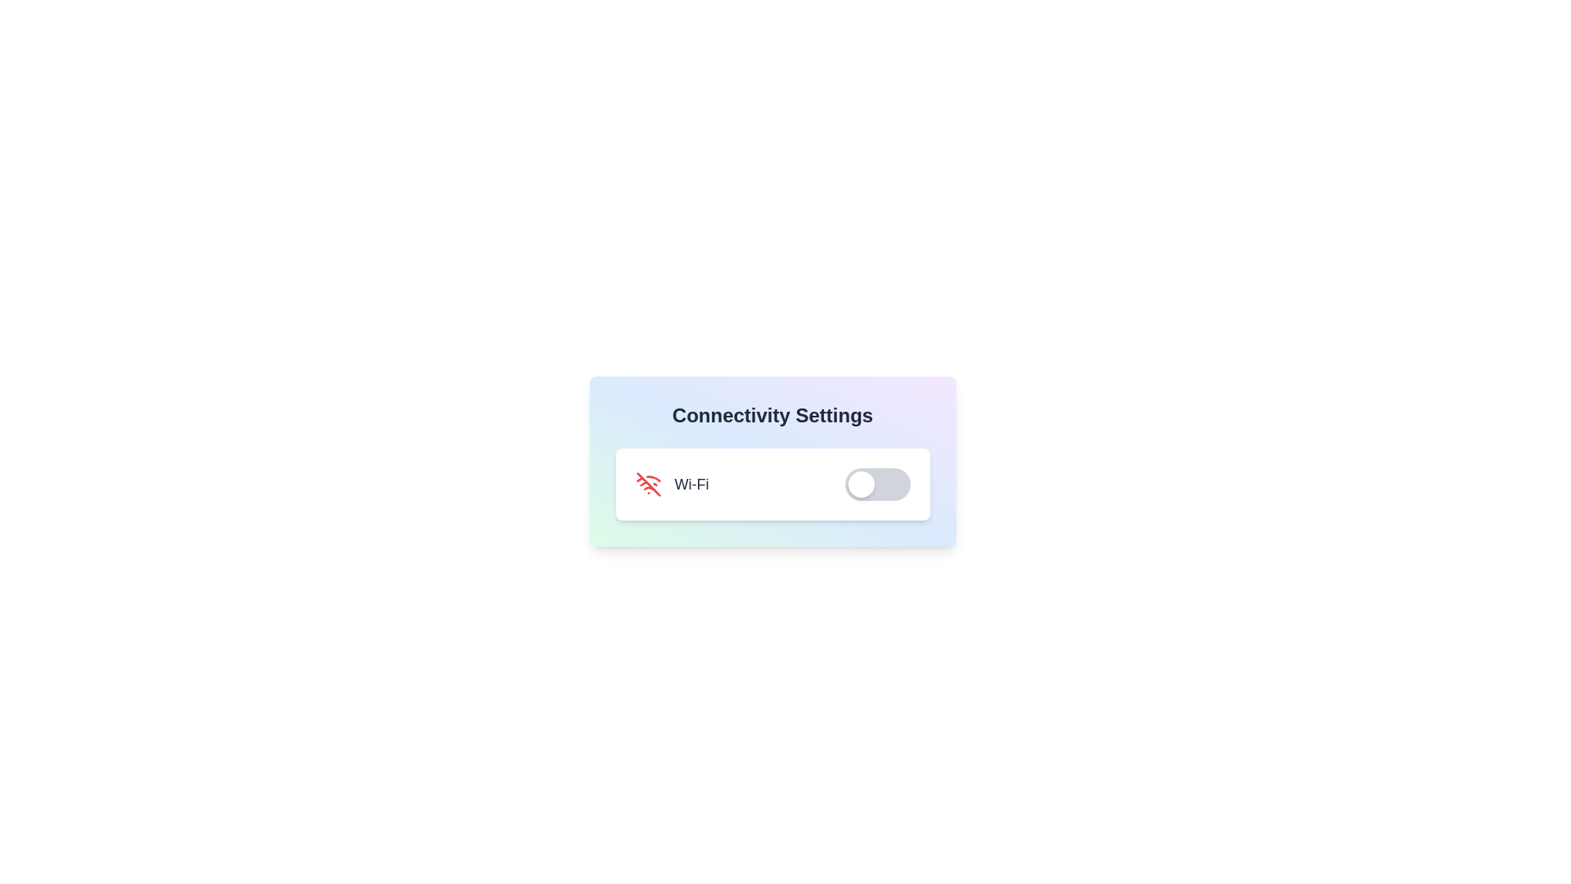 Image resolution: width=1571 pixels, height=884 pixels. I want to click on the Text Label indicating the meaning of the adjacent red Wi-Fi symbol in the 'Connectivity Settings' card section, so click(691, 483).